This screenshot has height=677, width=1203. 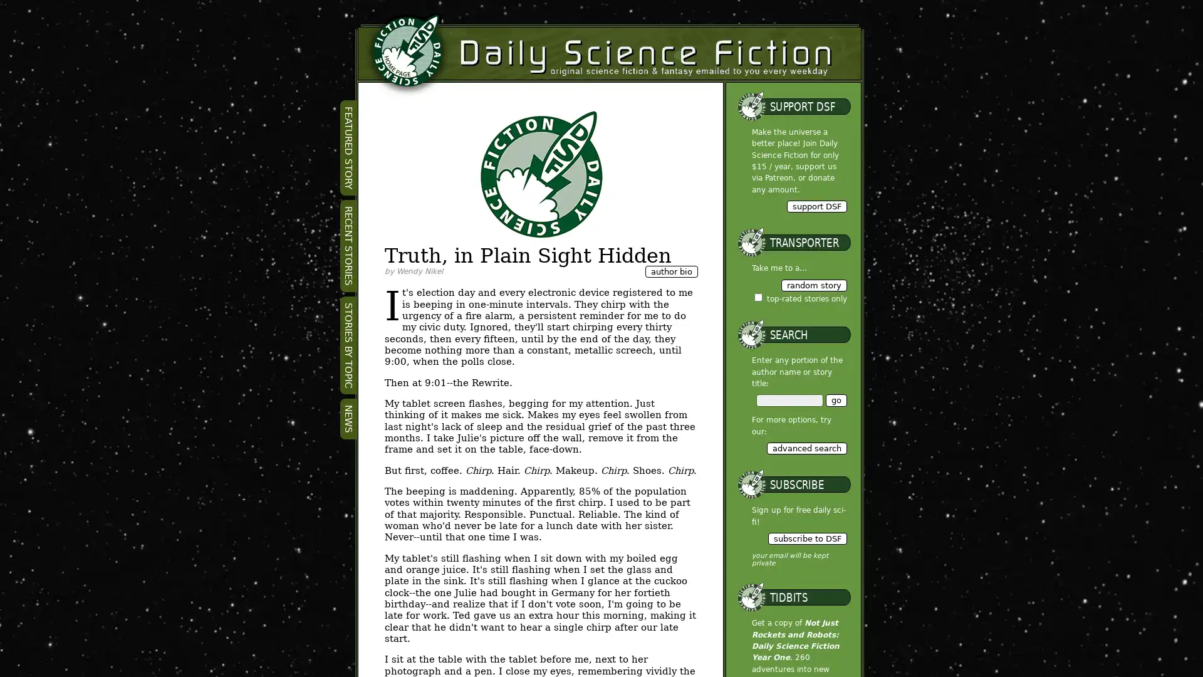 What do you see at coordinates (806, 447) in the screenshot?
I see `advanced search` at bounding box center [806, 447].